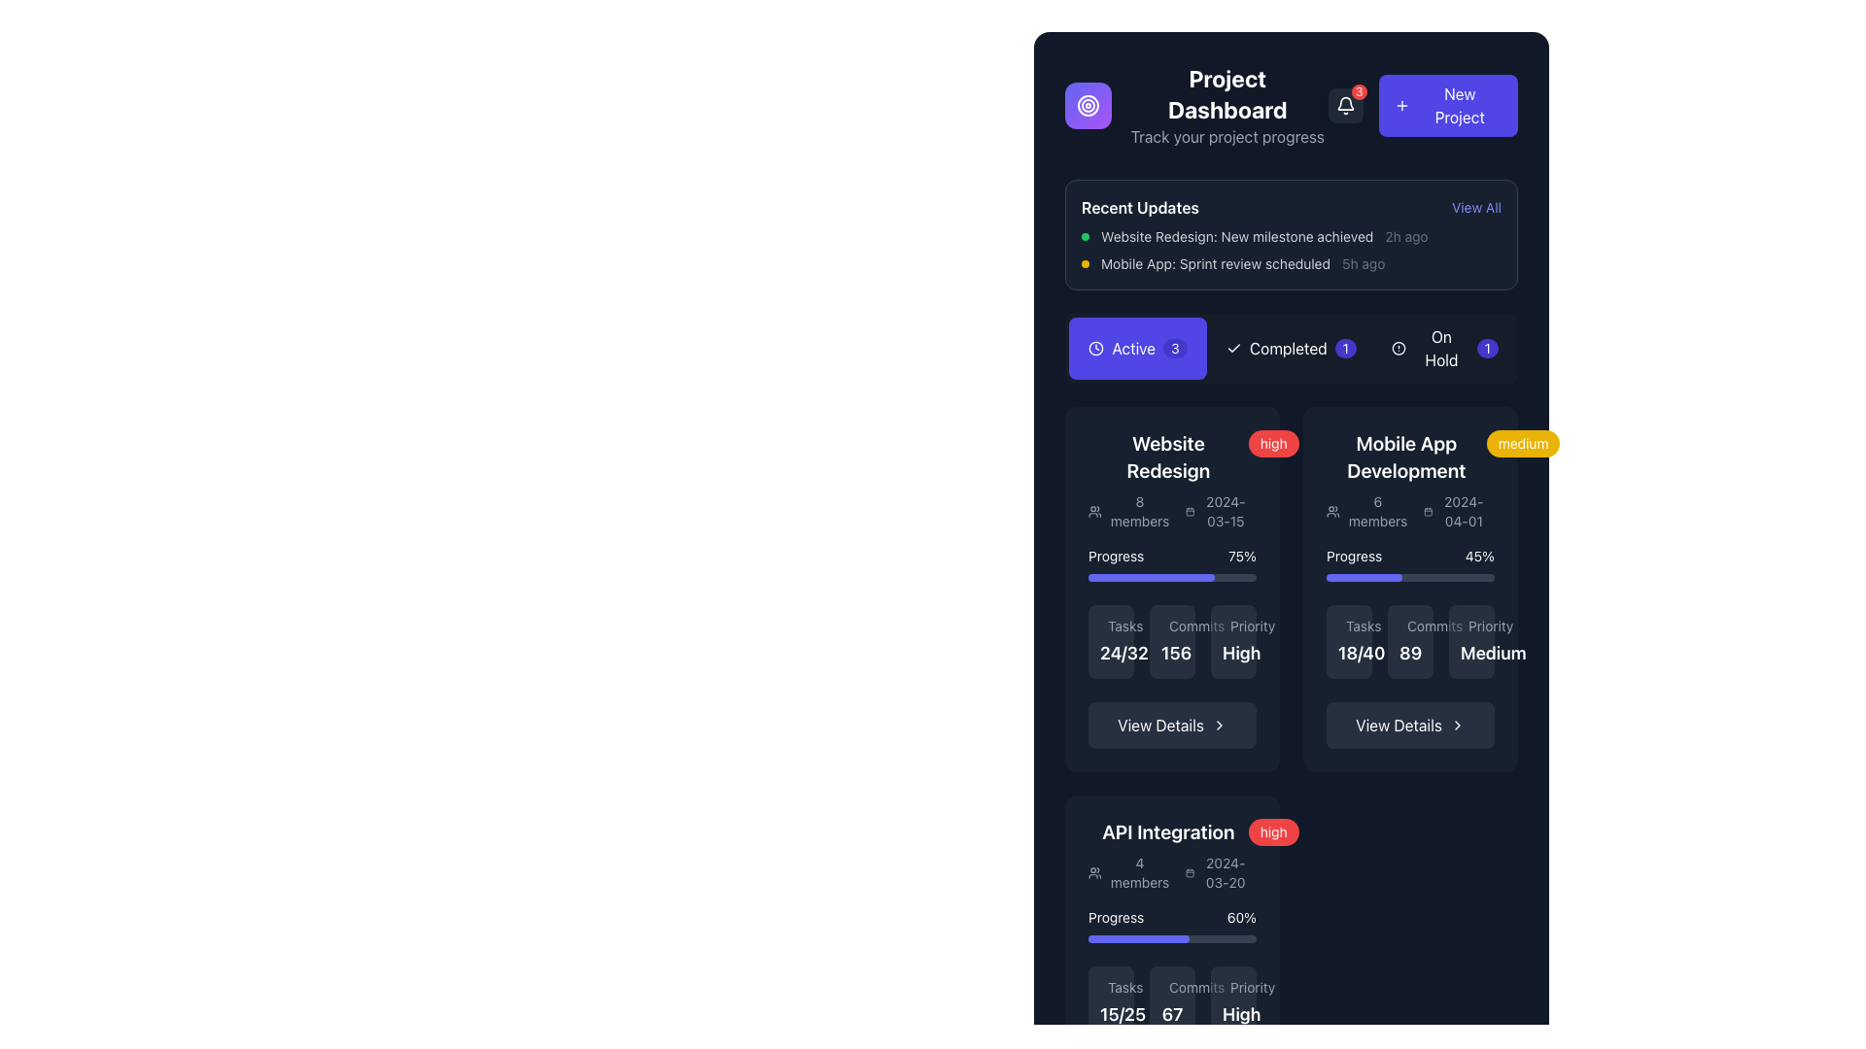 Image resolution: width=1866 pixels, height=1049 pixels. Describe the element at coordinates (1227, 93) in the screenshot. I see `the title text element located at the top-center of the interface, which indicates the content or purpose of the displayed section` at that location.